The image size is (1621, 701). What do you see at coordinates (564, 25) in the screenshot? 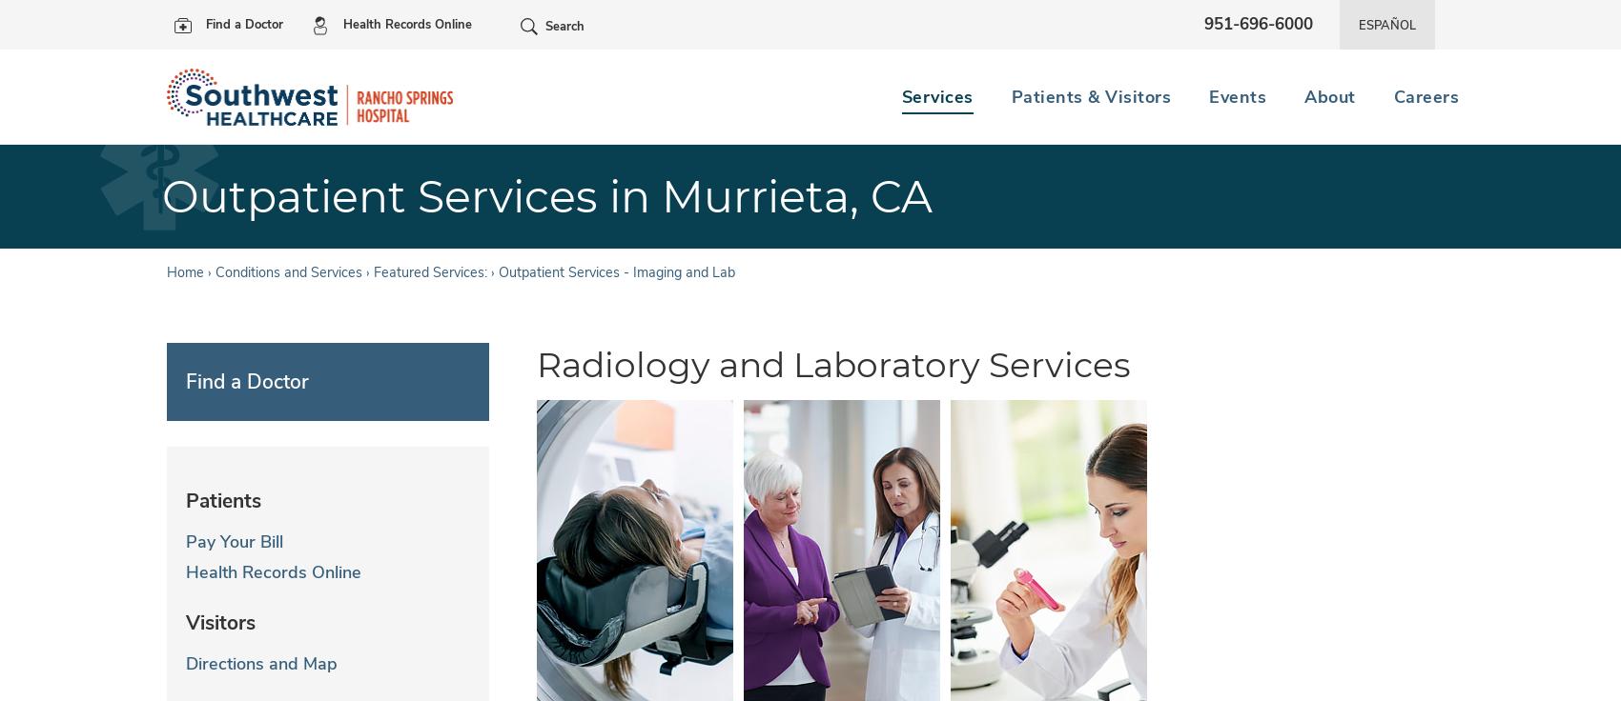
I see `'Search'` at bounding box center [564, 25].